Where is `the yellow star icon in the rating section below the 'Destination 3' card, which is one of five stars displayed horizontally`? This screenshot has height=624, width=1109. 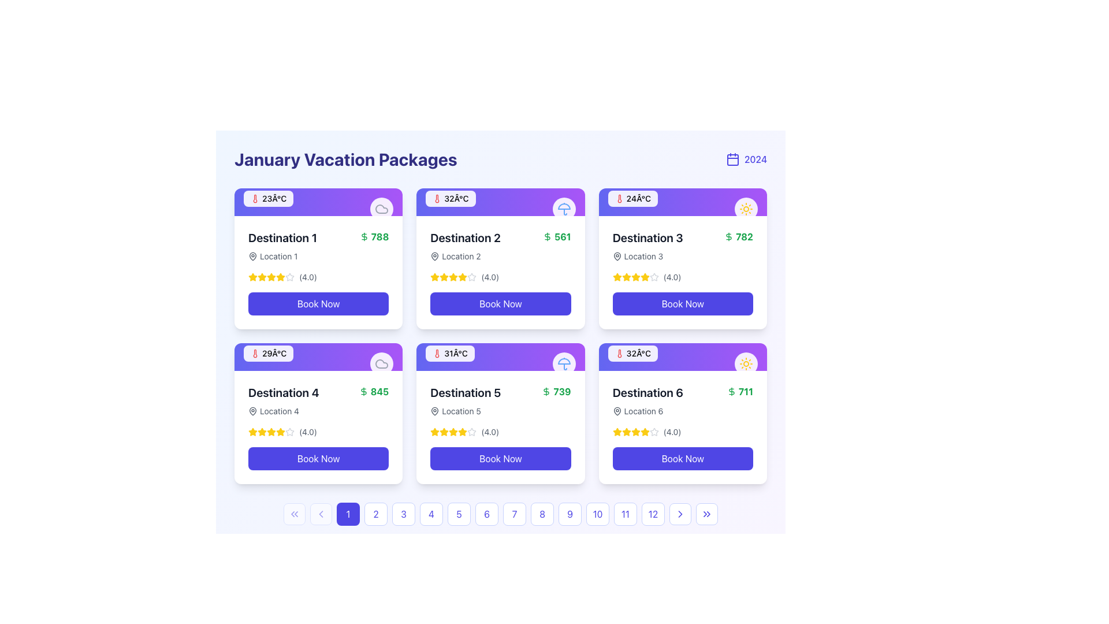 the yellow star icon in the rating section below the 'Destination 3' card, which is one of five stars displayed horizontally is located at coordinates (635, 277).